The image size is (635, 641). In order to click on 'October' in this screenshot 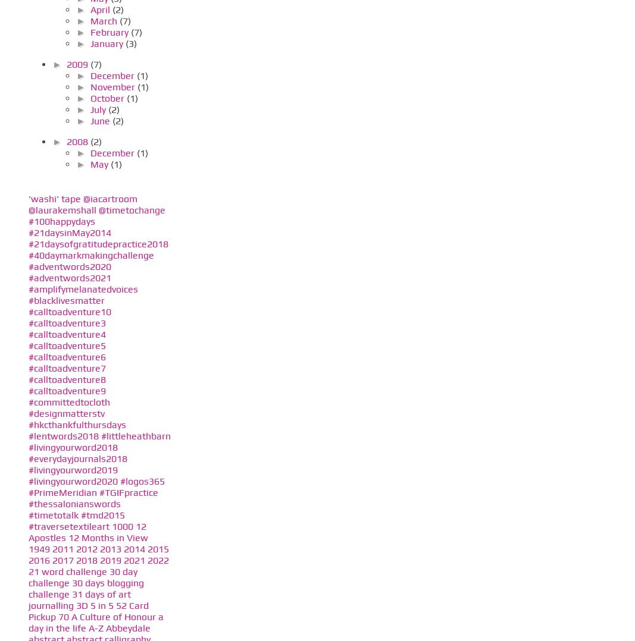, I will do `click(108, 98)`.